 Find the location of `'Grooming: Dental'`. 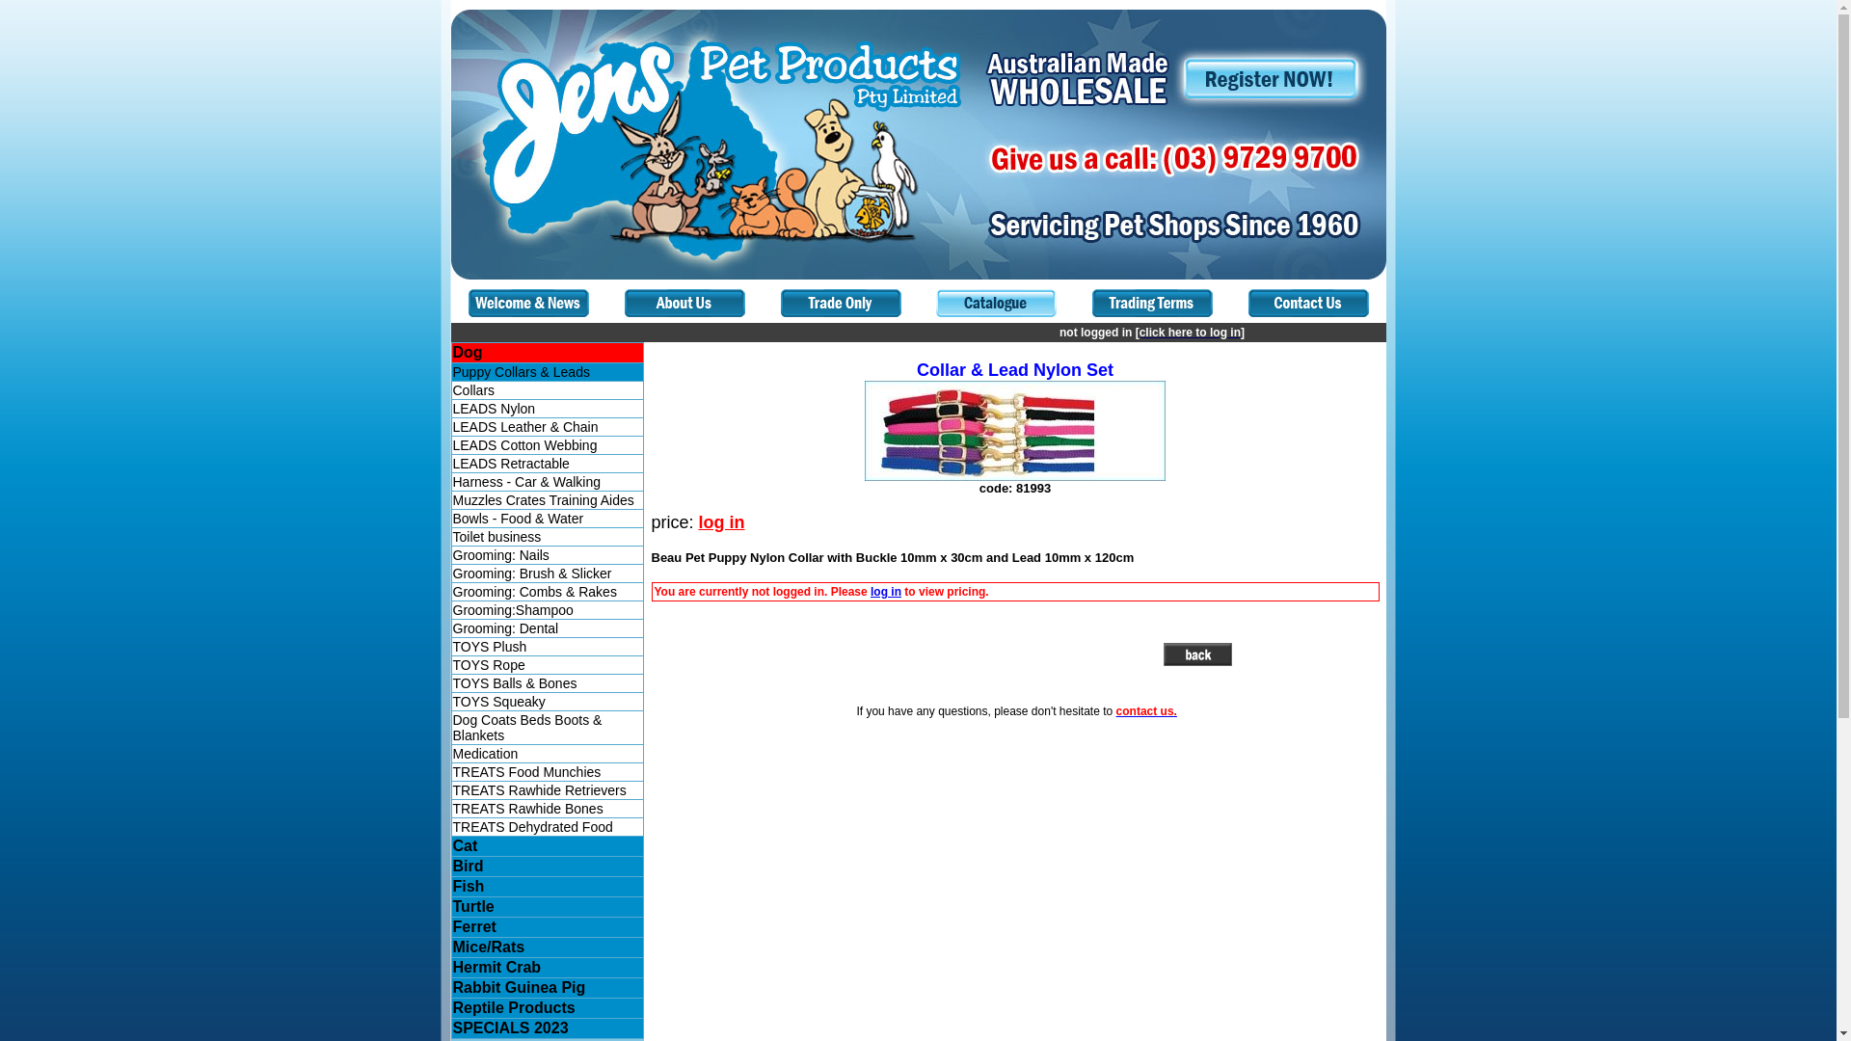

'Grooming: Dental' is located at coordinates (449, 627).